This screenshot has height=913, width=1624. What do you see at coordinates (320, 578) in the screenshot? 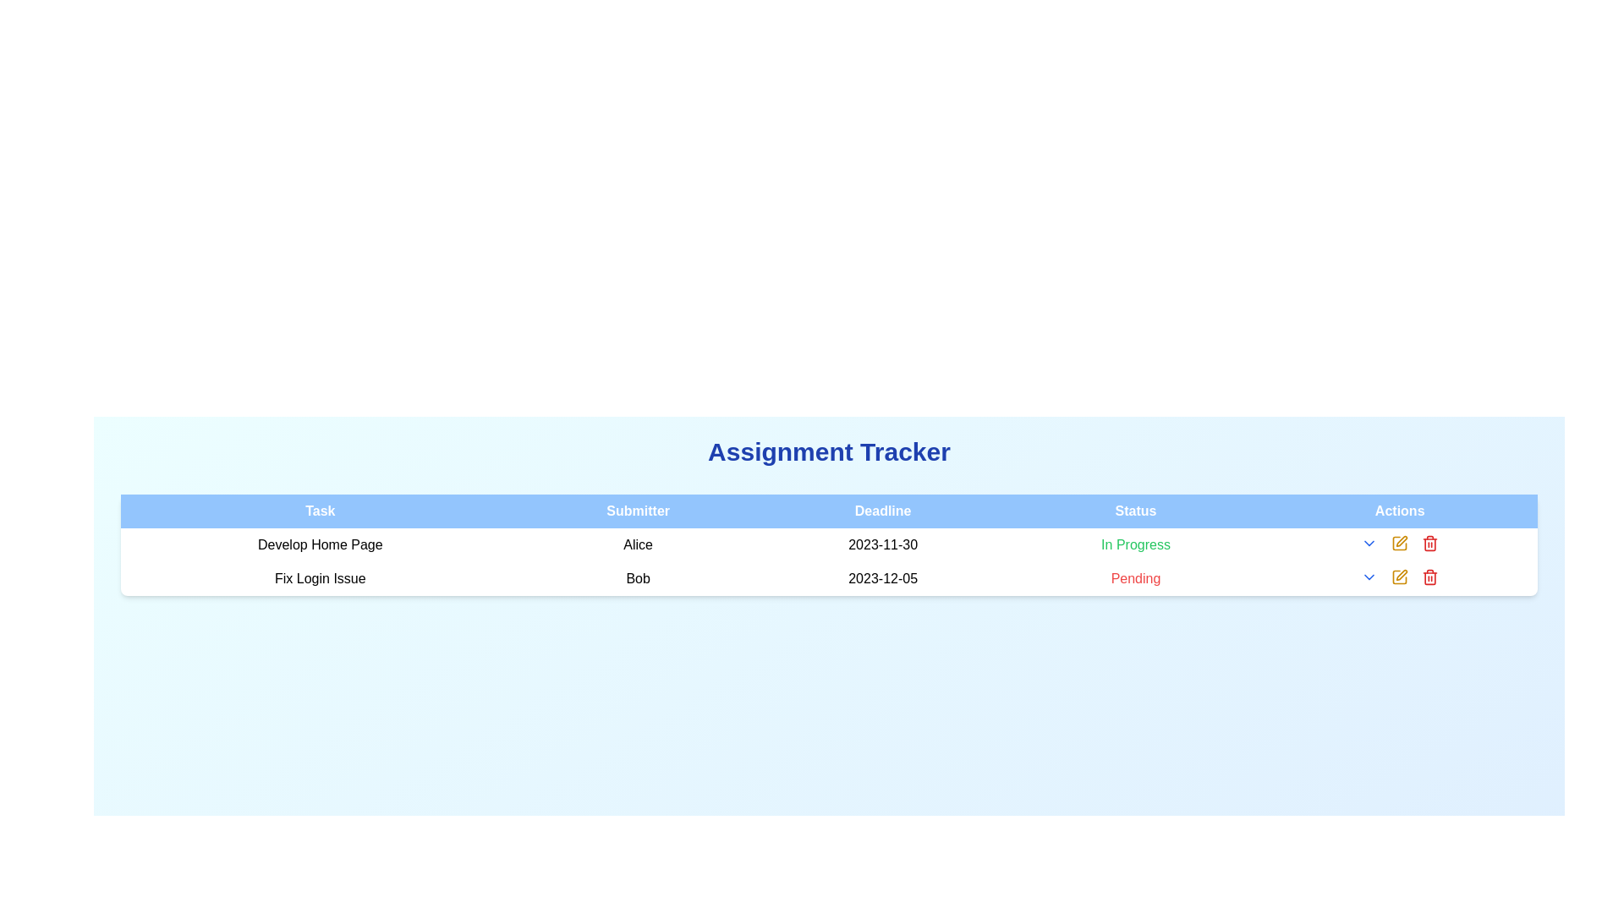
I see `the task description text label in the second row of the task management table, which displays the task name 'Develop Home Page'` at bounding box center [320, 578].